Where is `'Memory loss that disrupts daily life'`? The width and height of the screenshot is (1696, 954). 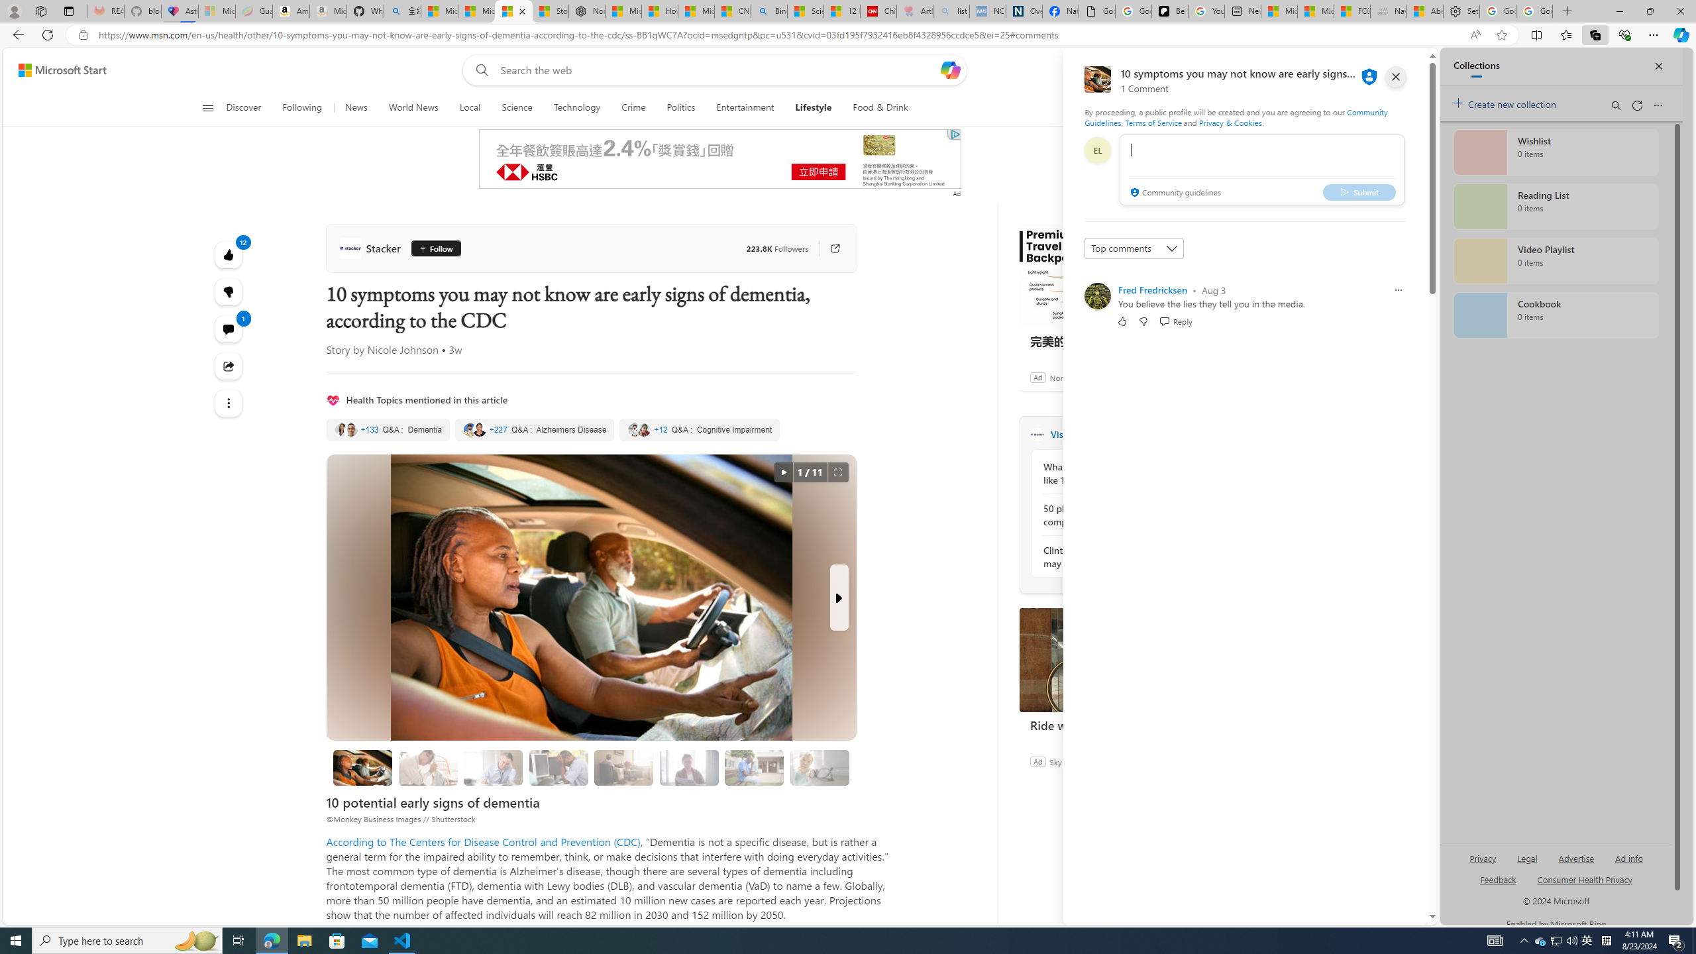
'Memory loss that disrupts daily life' is located at coordinates (427, 767).